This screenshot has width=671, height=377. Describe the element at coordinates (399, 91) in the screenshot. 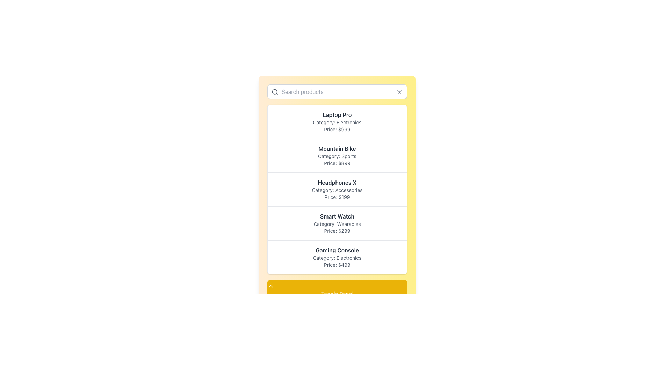

I see `the interactive gray button with an 'X' icon located in the top-right corner of the search input box to change its color` at that location.